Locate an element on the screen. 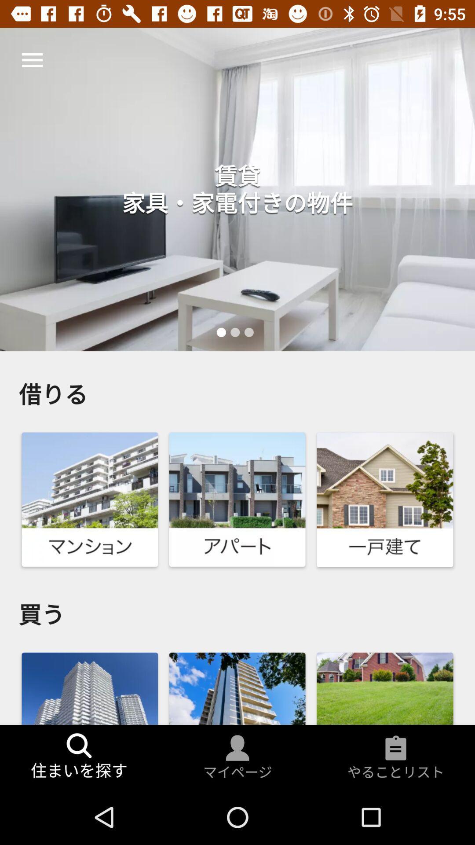 This screenshot has width=475, height=845. the icon at the top left corner is located at coordinates (32, 59).